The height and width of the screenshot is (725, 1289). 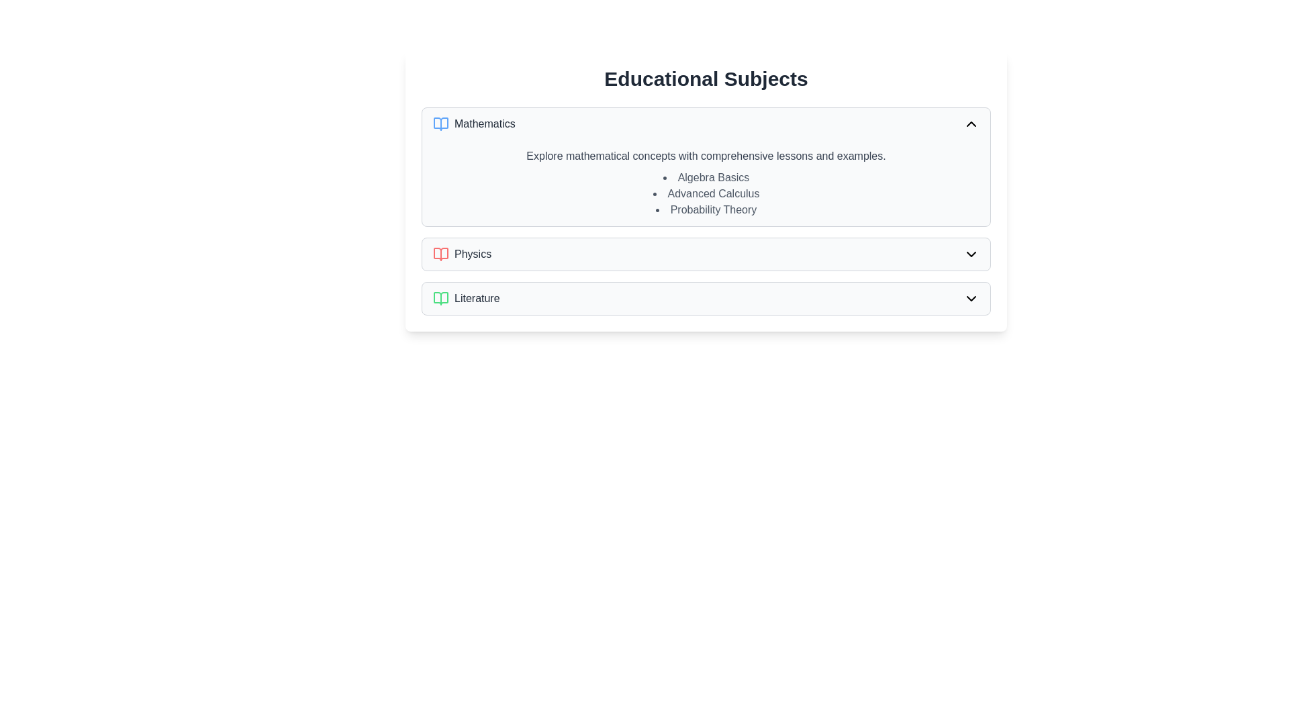 What do you see at coordinates (971, 254) in the screenshot?
I see `the downward-facing chevron icon button located at the far right of the 'Physics' row in the collapsible section list for accessibility navigation` at bounding box center [971, 254].